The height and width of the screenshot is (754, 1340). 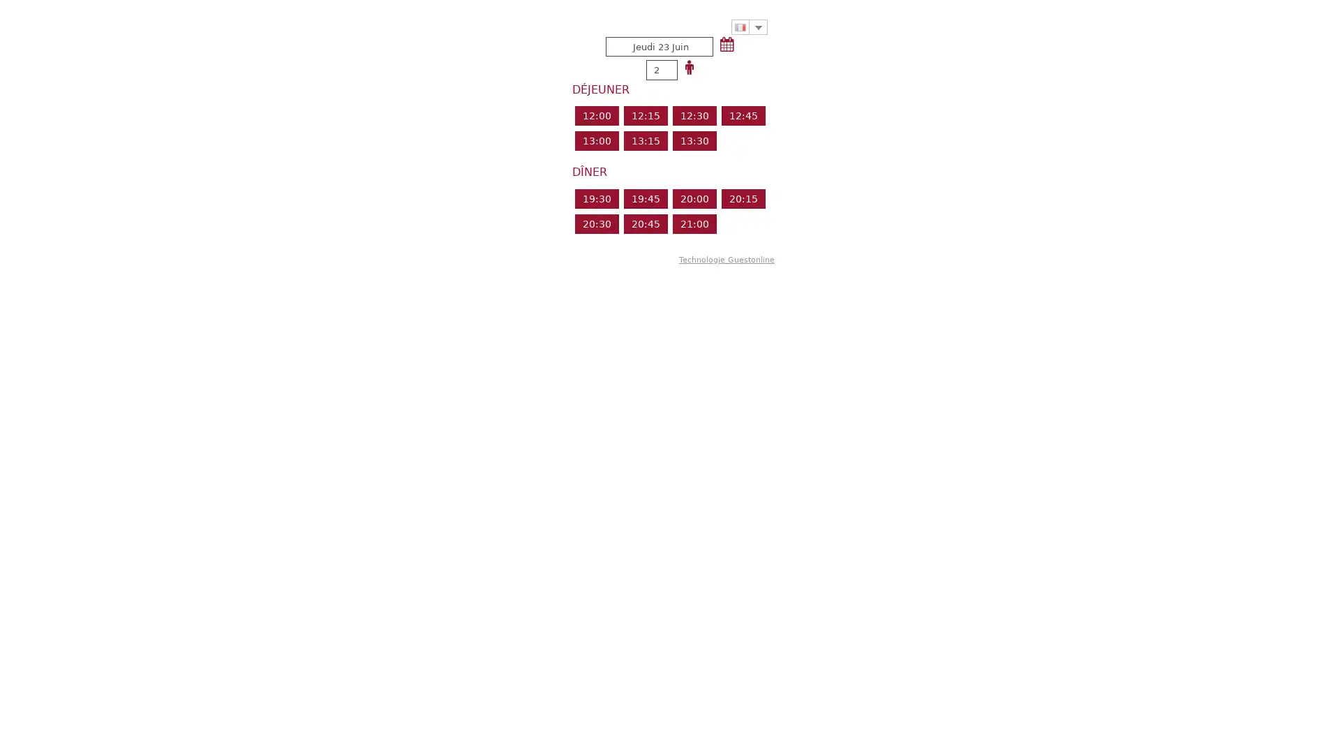 What do you see at coordinates (694, 114) in the screenshot?
I see `12:30` at bounding box center [694, 114].